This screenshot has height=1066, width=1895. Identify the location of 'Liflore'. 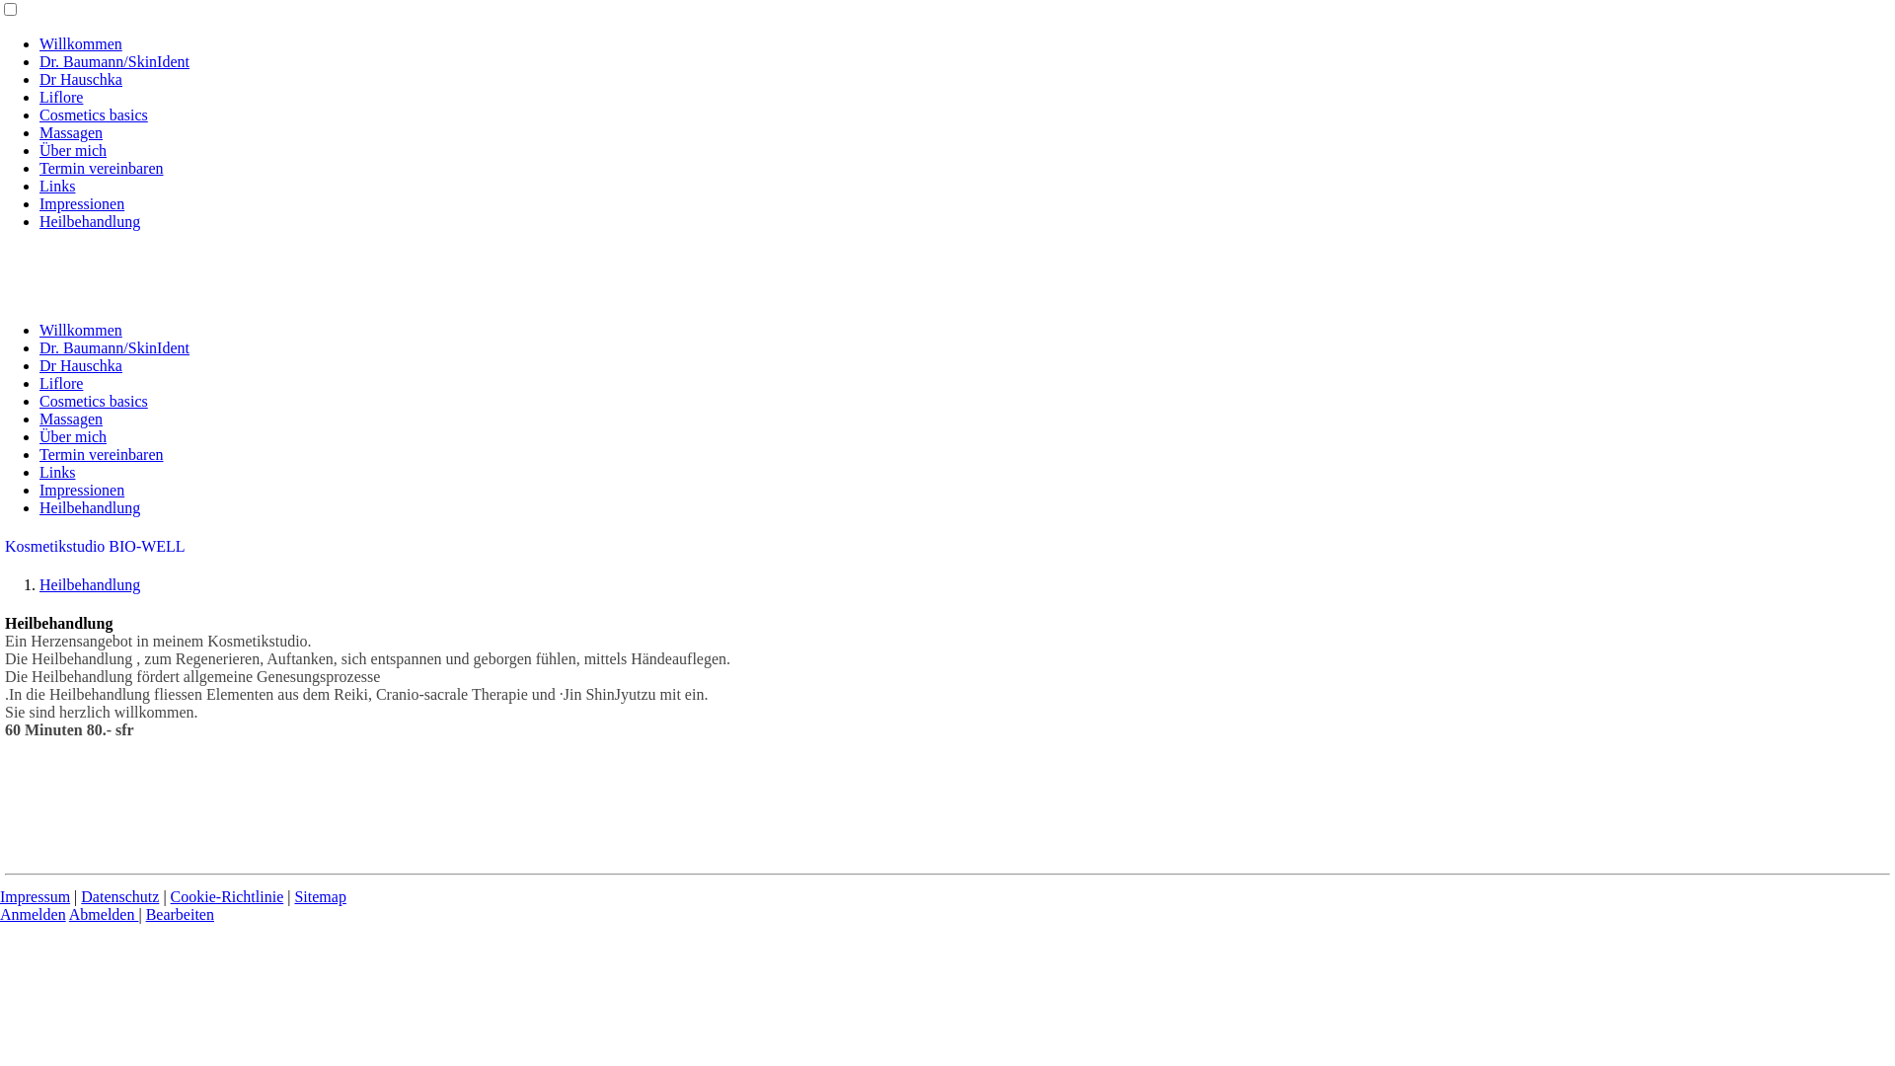
(61, 383).